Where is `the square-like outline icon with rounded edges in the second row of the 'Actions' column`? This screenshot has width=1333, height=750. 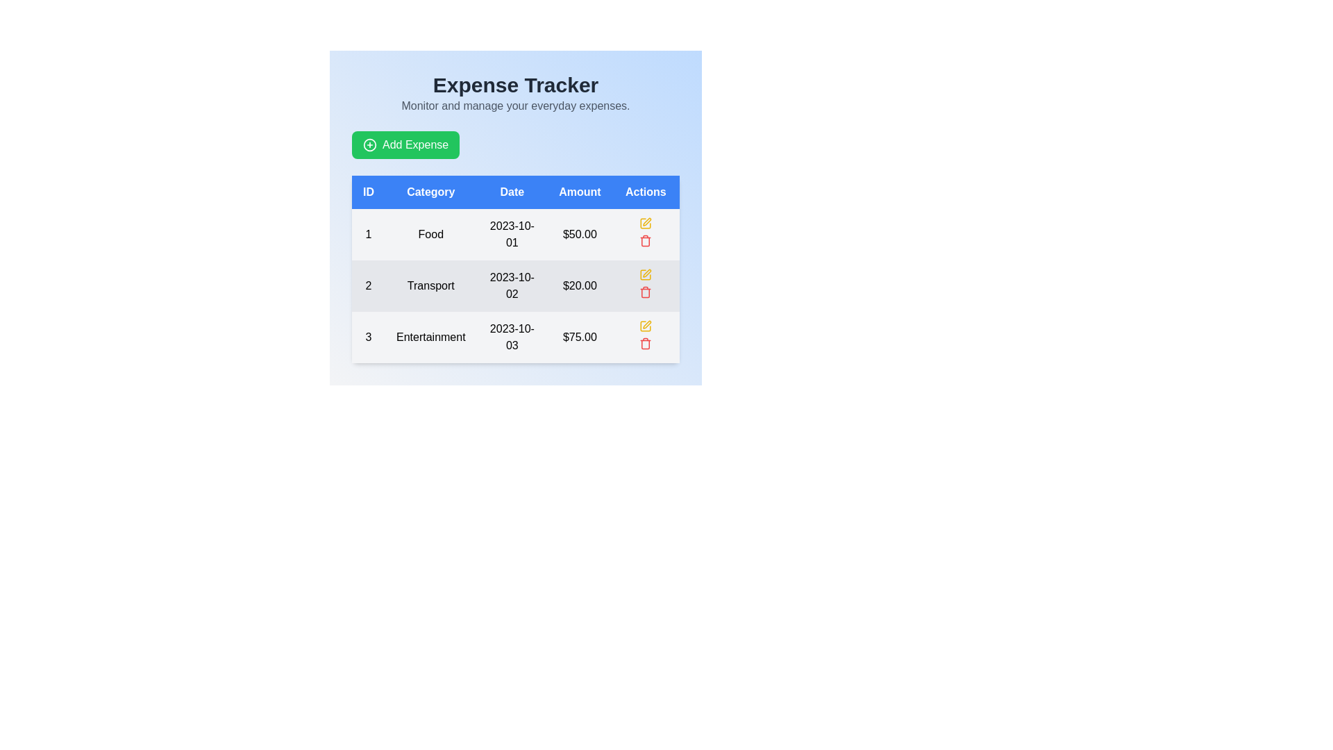 the square-like outline icon with rounded edges in the second row of the 'Actions' column is located at coordinates (645, 275).